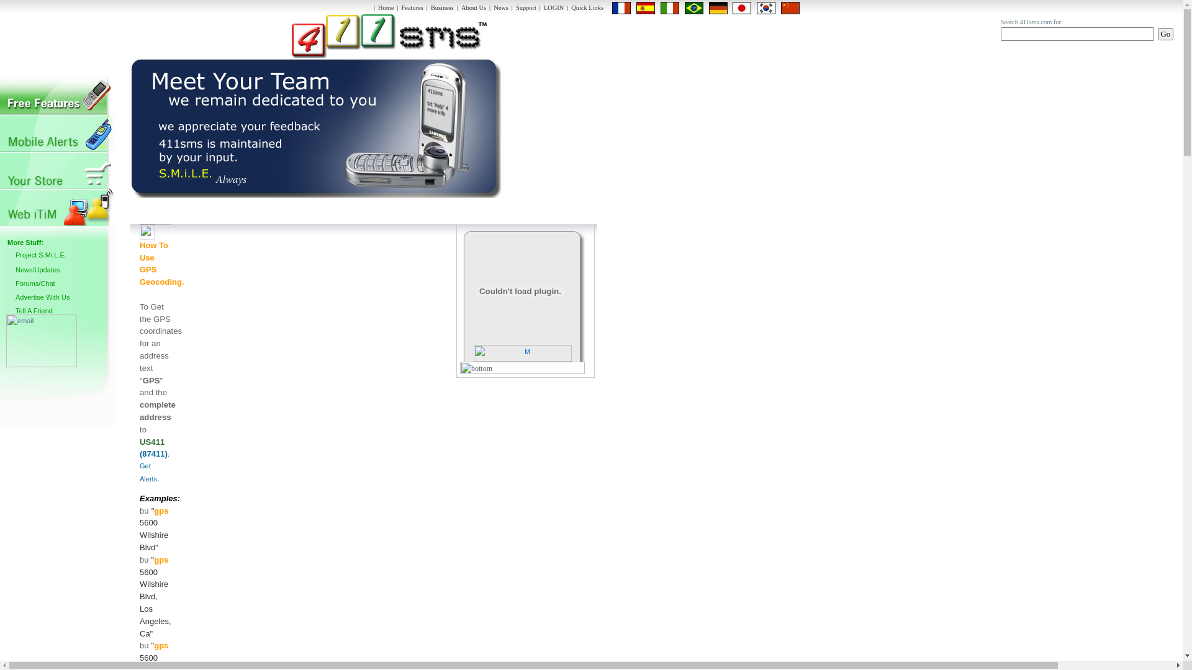 The image size is (1192, 670). What do you see at coordinates (669, 7) in the screenshot?
I see `'en|it'` at bounding box center [669, 7].